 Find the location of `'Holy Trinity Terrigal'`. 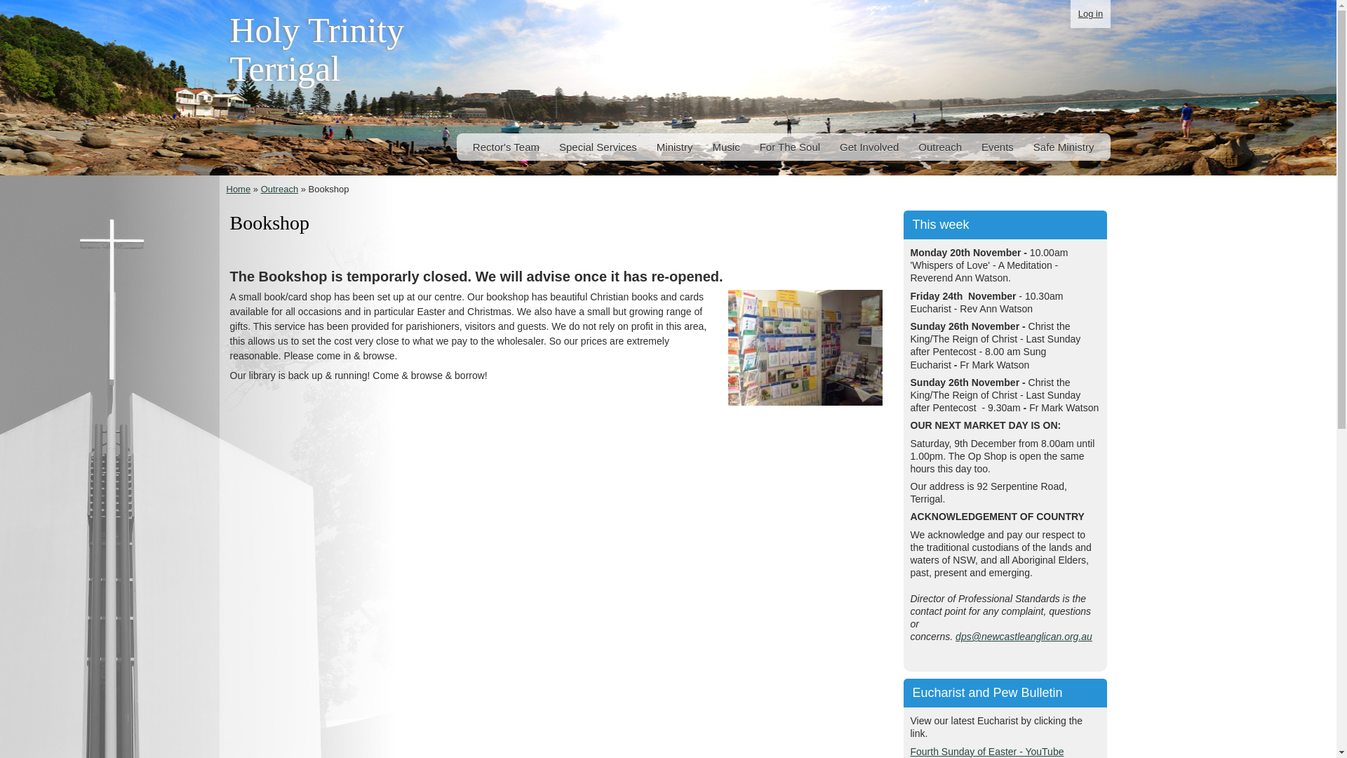

'Holy Trinity Terrigal' is located at coordinates (316, 53).